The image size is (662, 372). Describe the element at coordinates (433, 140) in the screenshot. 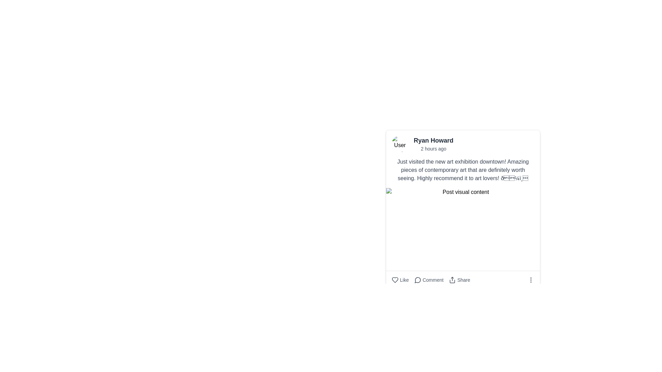

I see `the Text Label displaying 'Ryan Howard'` at that location.